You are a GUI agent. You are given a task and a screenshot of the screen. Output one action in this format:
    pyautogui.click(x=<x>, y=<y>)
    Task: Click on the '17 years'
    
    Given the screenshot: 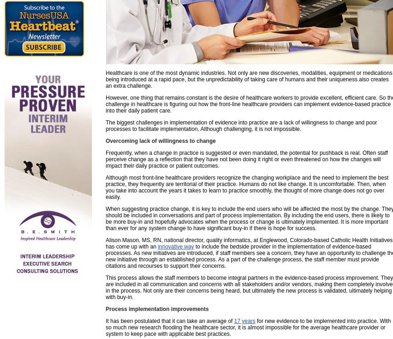 What is the action you would take?
    pyautogui.click(x=244, y=321)
    